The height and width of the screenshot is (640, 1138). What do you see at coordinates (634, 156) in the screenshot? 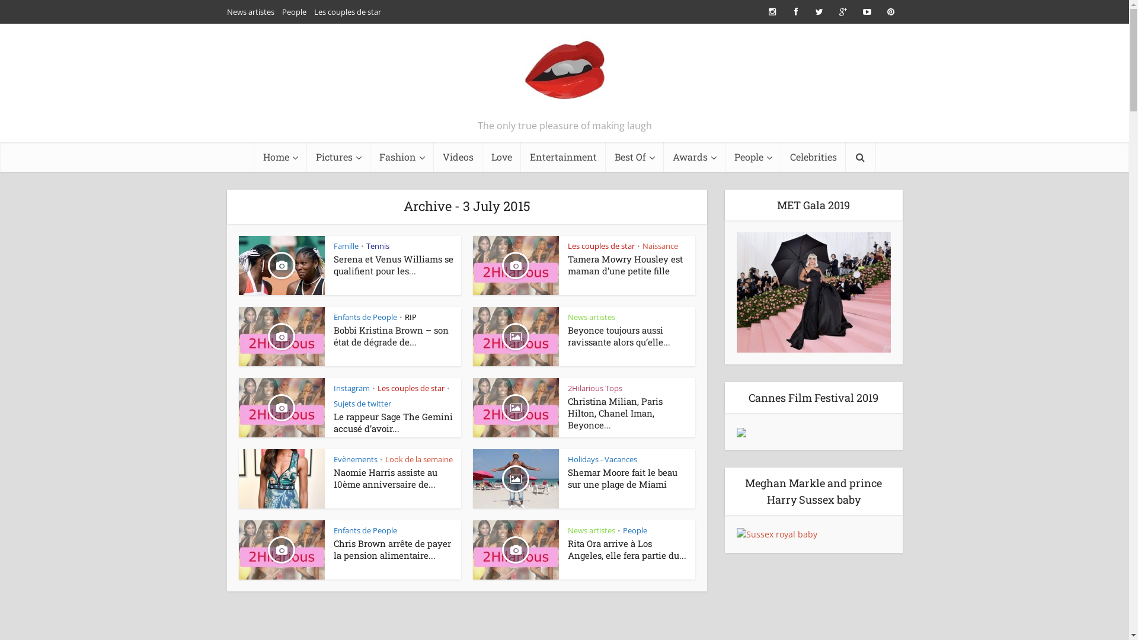
I see `'Best Of'` at bounding box center [634, 156].